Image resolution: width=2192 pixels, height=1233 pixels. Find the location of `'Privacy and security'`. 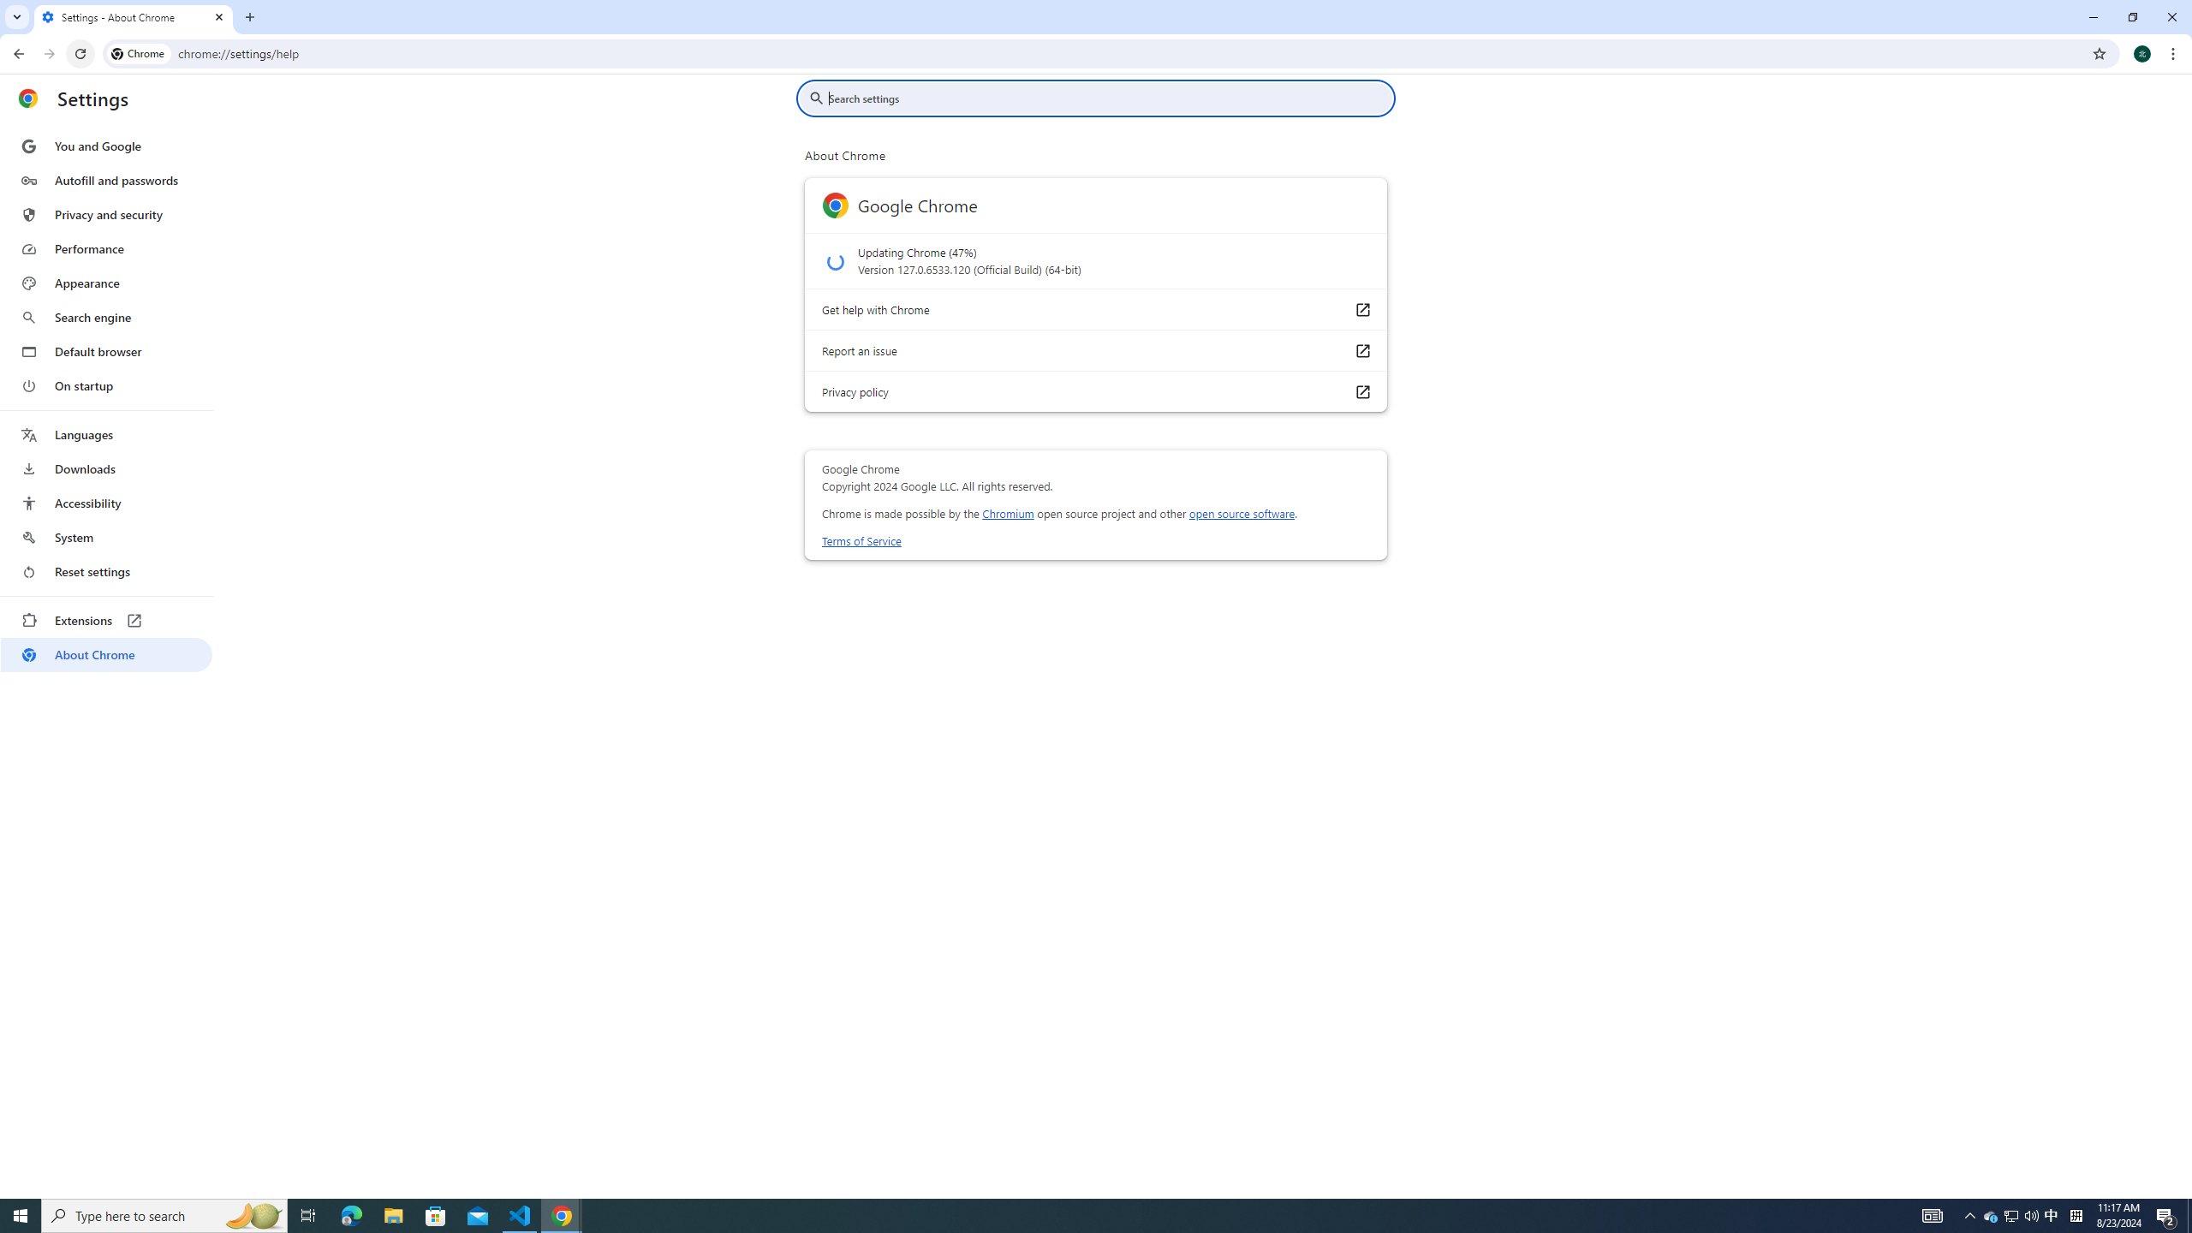

'Privacy and security' is located at coordinates (105, 213).